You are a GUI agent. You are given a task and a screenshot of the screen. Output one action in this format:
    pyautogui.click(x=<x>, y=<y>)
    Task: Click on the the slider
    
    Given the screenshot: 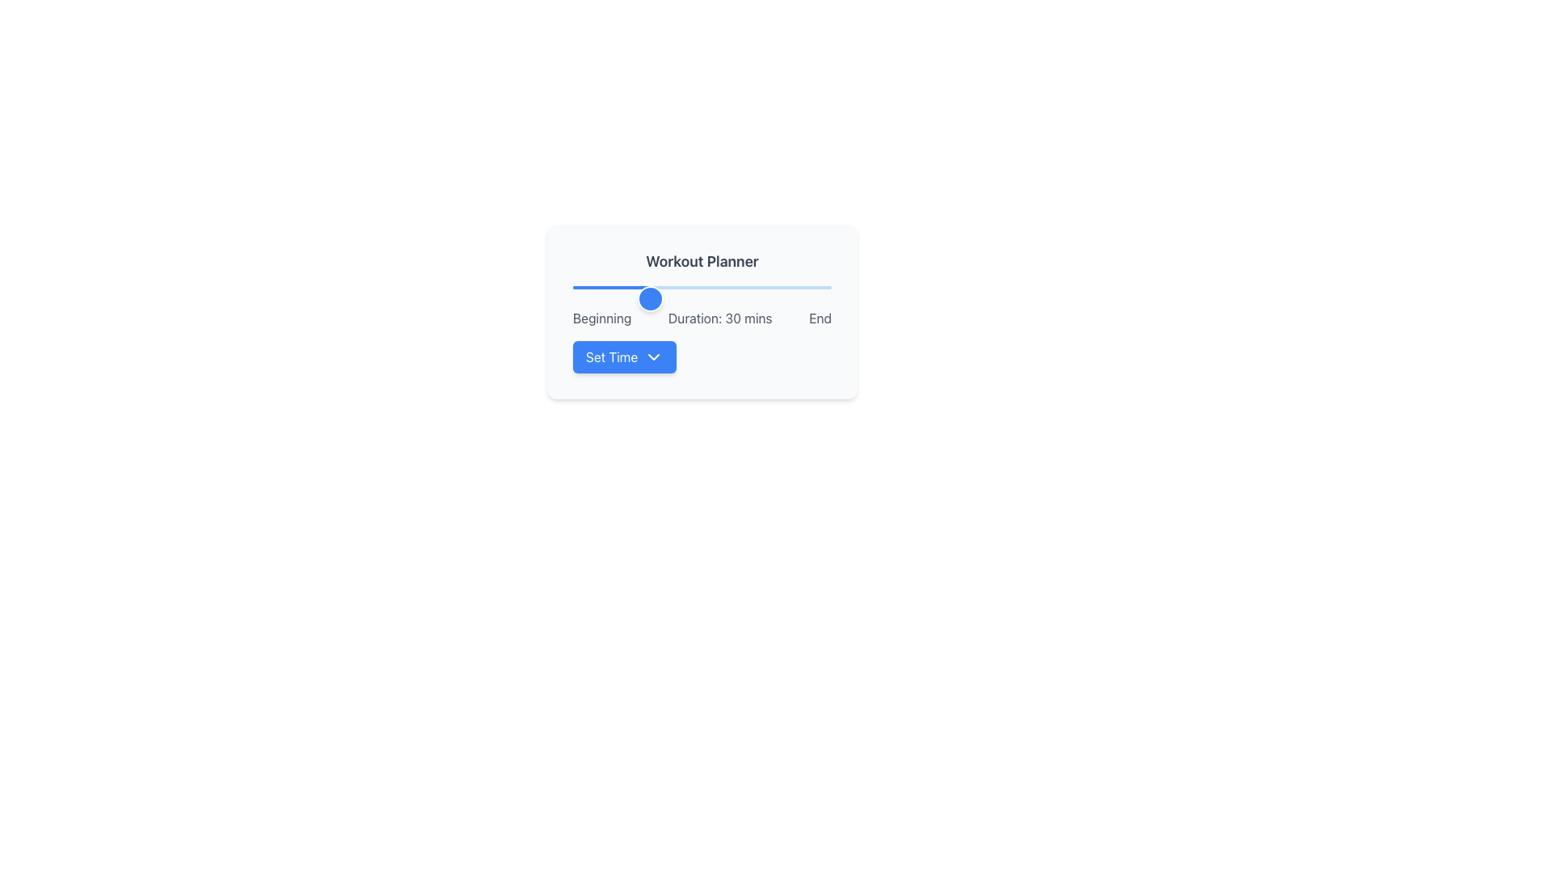 What is the action you would take?
    pyautogui.click(x=722, y=285)
    